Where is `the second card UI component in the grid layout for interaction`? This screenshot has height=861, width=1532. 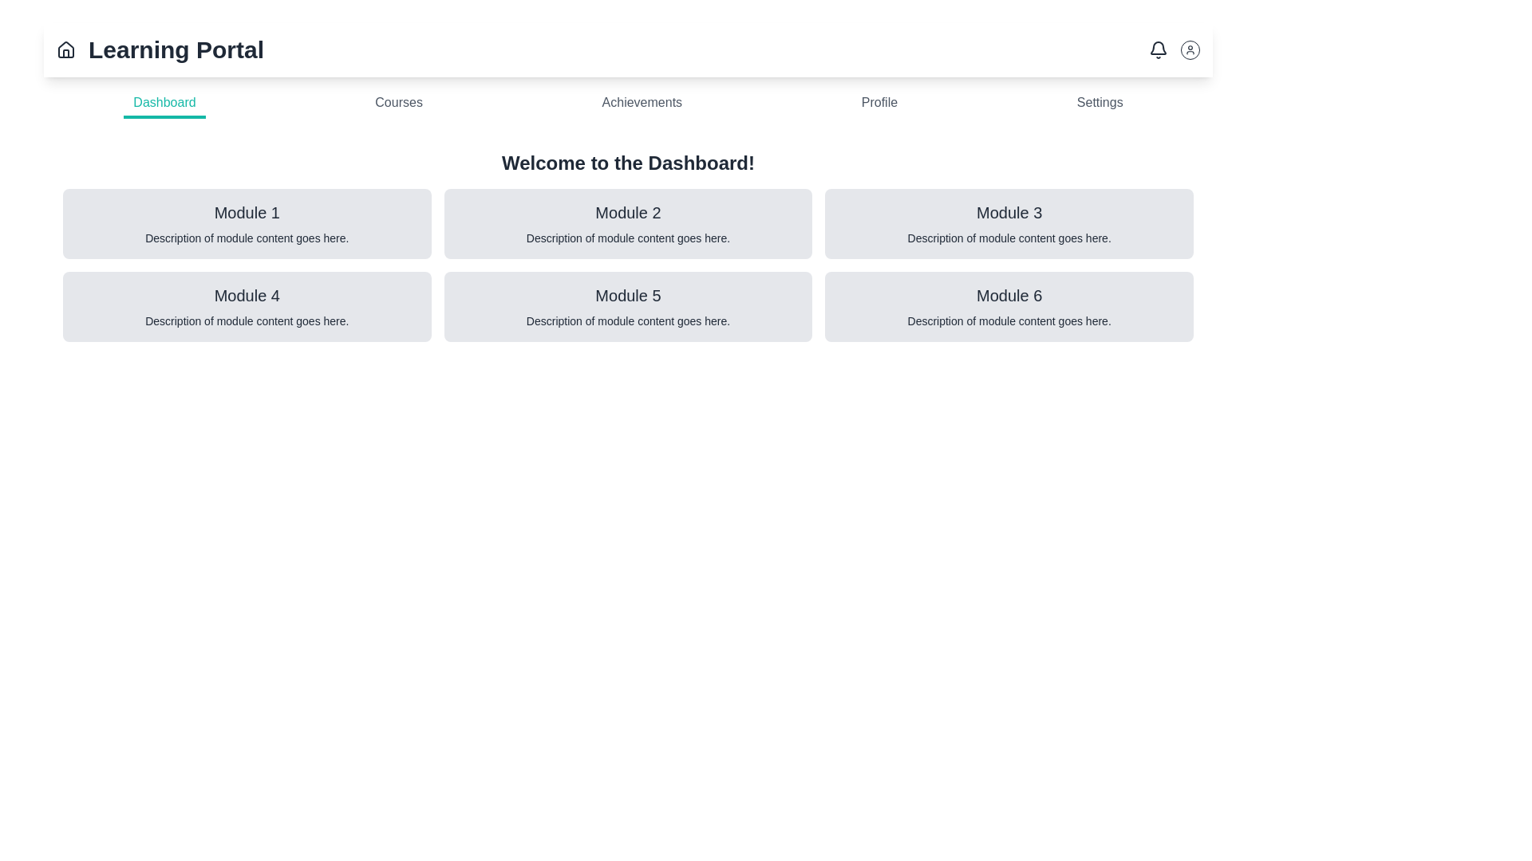
the second card UI component in the grid layout for interaction is located at coordinates (627, 224).